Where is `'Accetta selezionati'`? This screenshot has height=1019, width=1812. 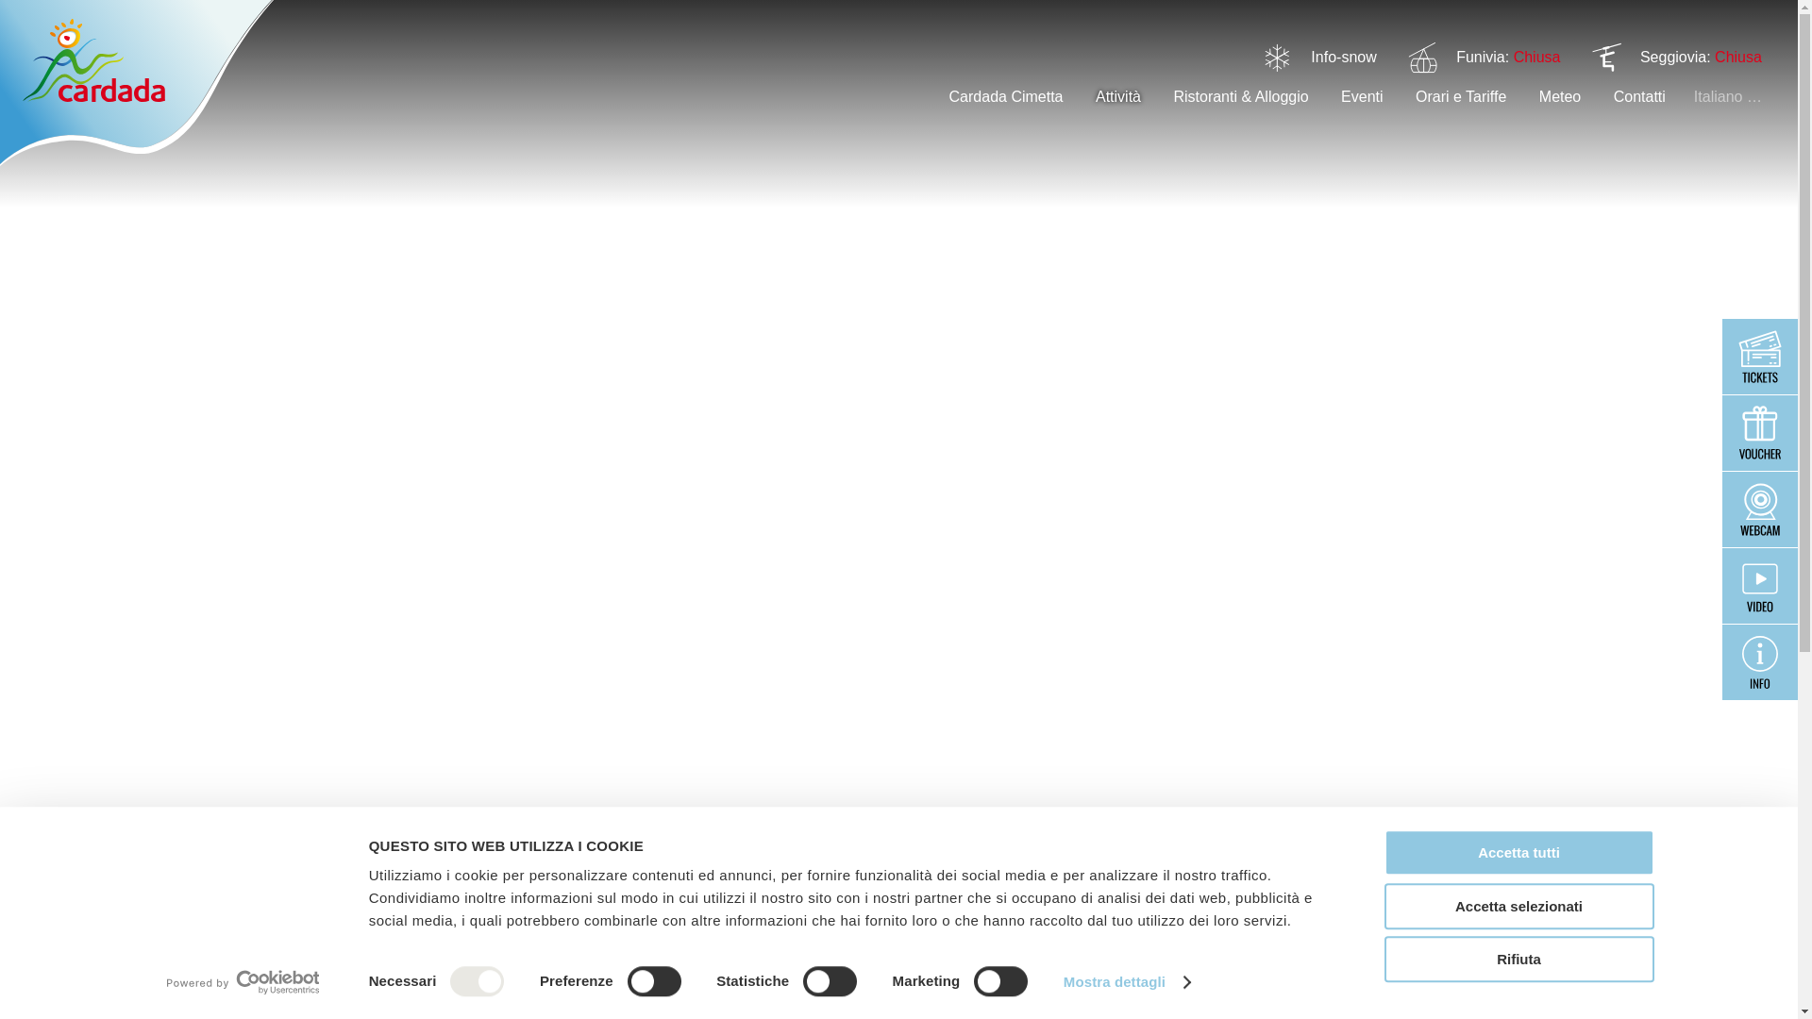
'Accetta selezionati' is located at coordinates (1383, 905).